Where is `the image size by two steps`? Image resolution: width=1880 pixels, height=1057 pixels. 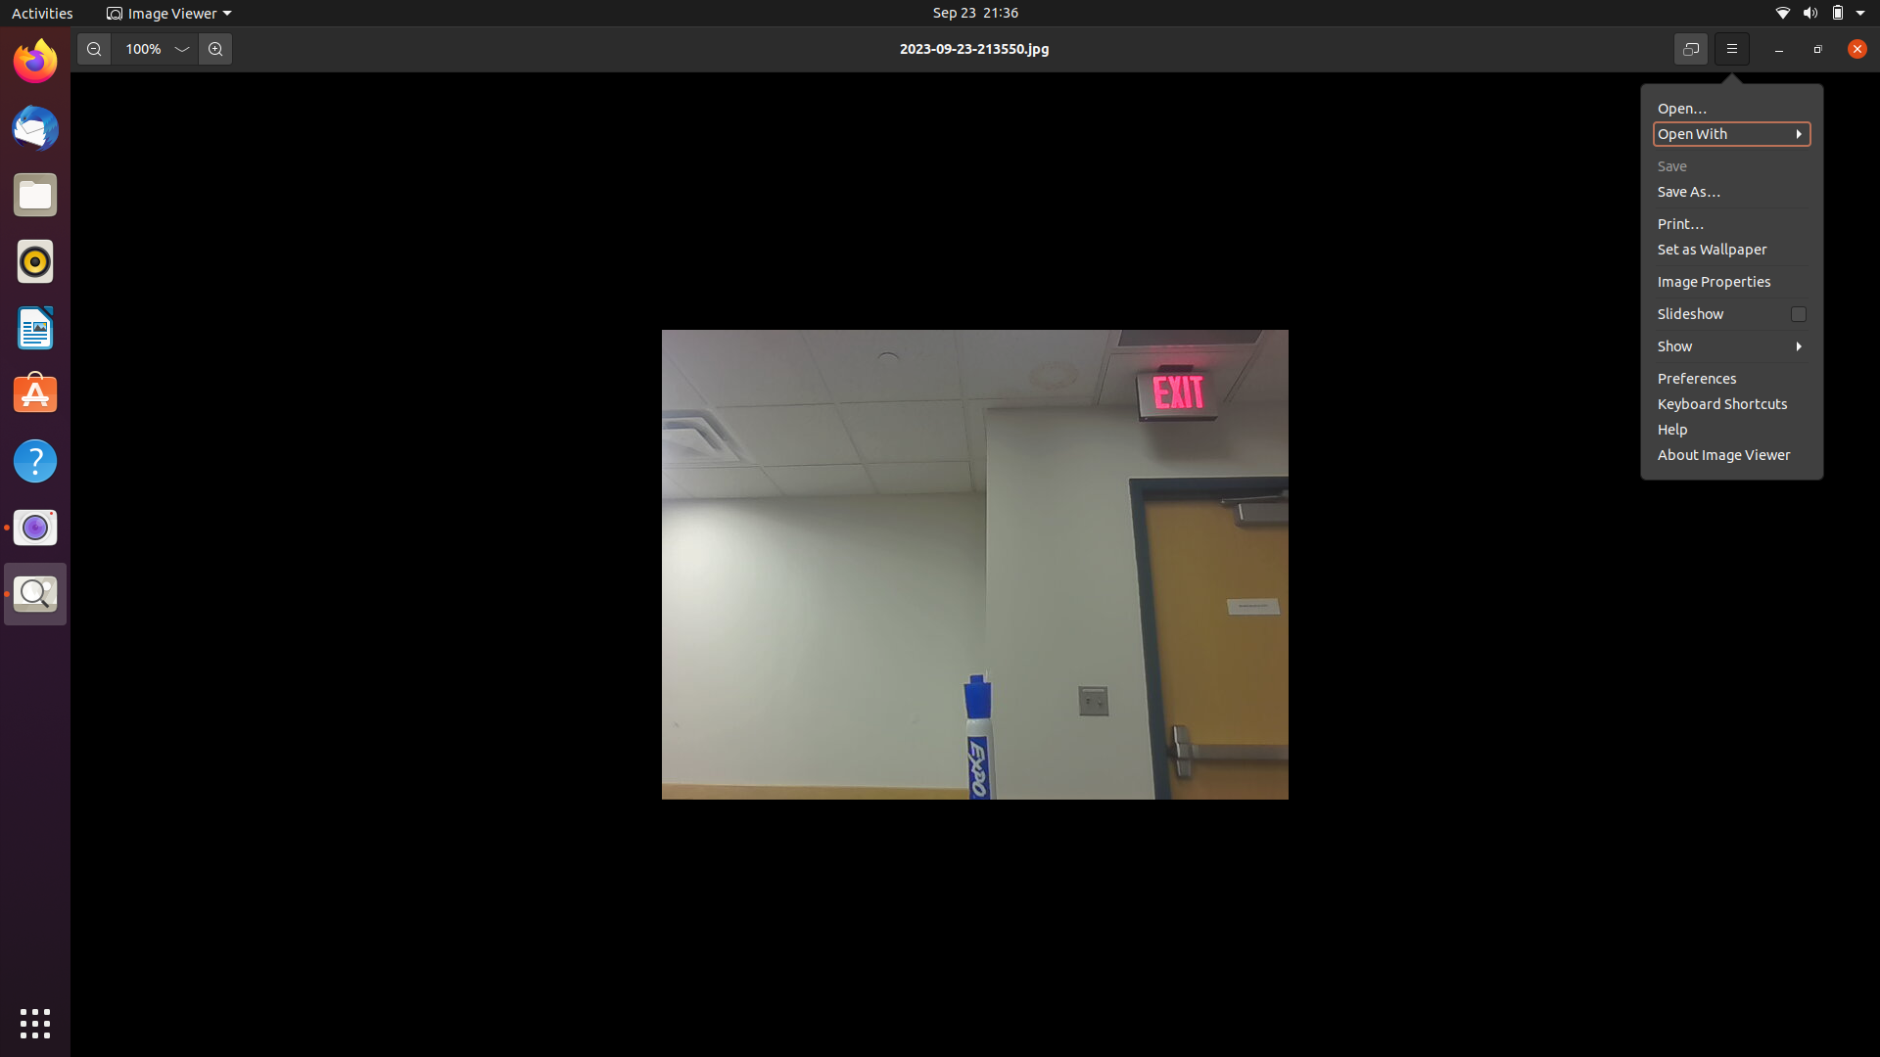 the image size by two steps is located at coordinates (92, 48).